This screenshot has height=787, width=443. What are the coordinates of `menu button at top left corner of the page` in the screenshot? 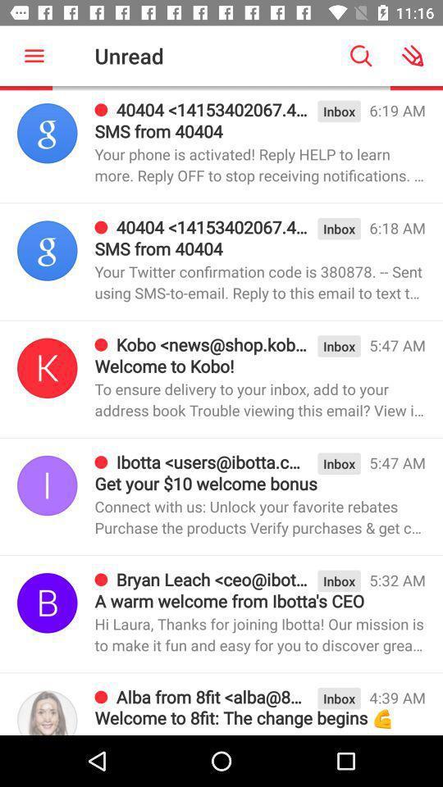 It's located at (34, 55).